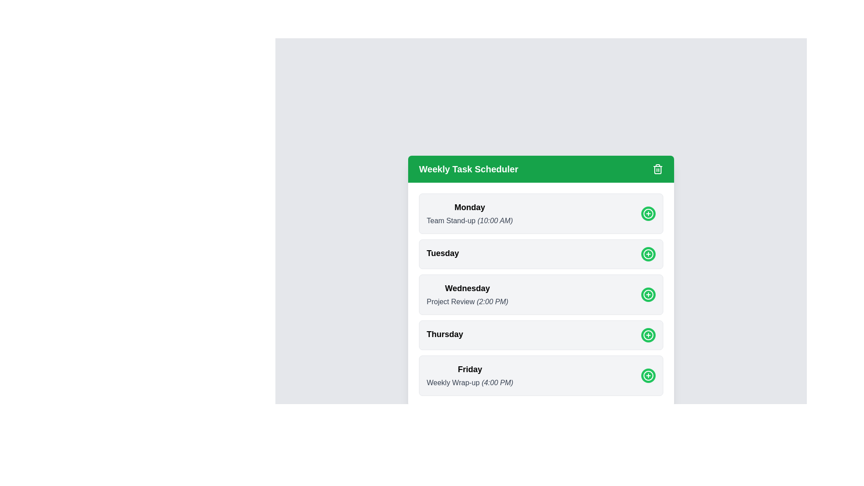 Image resolution: width=864 pixels, height=486 pixels. I want to click on the header section of the Weekly Task Scheduler dialog, so click(540, 169).